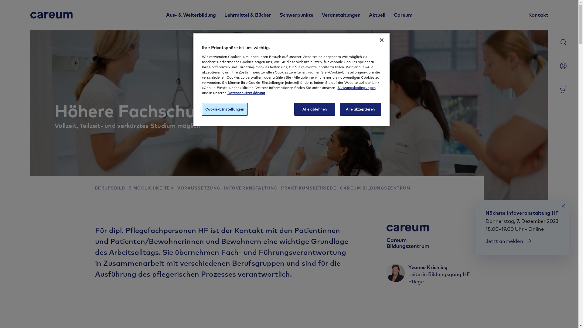 Image resolution: width=583 pixels, height=328 pixels. I want to click on 'PRAKTIKUMSBETRIEBE', so click(281, 188).